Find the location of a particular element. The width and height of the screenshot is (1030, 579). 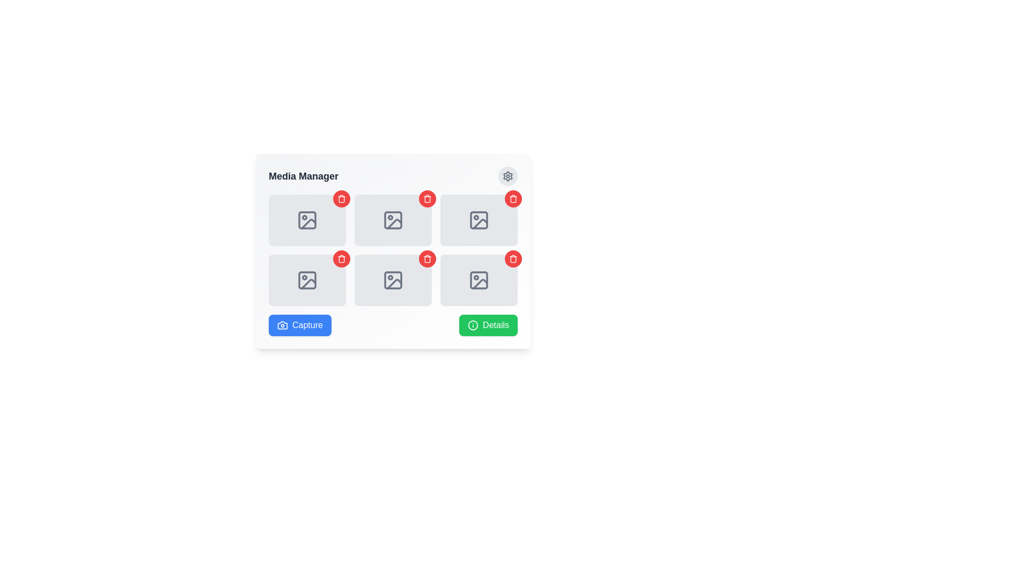

the icon resembling an image or photograph with a gray outline, located in the top-left button of a 2x3 grid in the 'Media Manager' interface is located at coordinates (306, 220).